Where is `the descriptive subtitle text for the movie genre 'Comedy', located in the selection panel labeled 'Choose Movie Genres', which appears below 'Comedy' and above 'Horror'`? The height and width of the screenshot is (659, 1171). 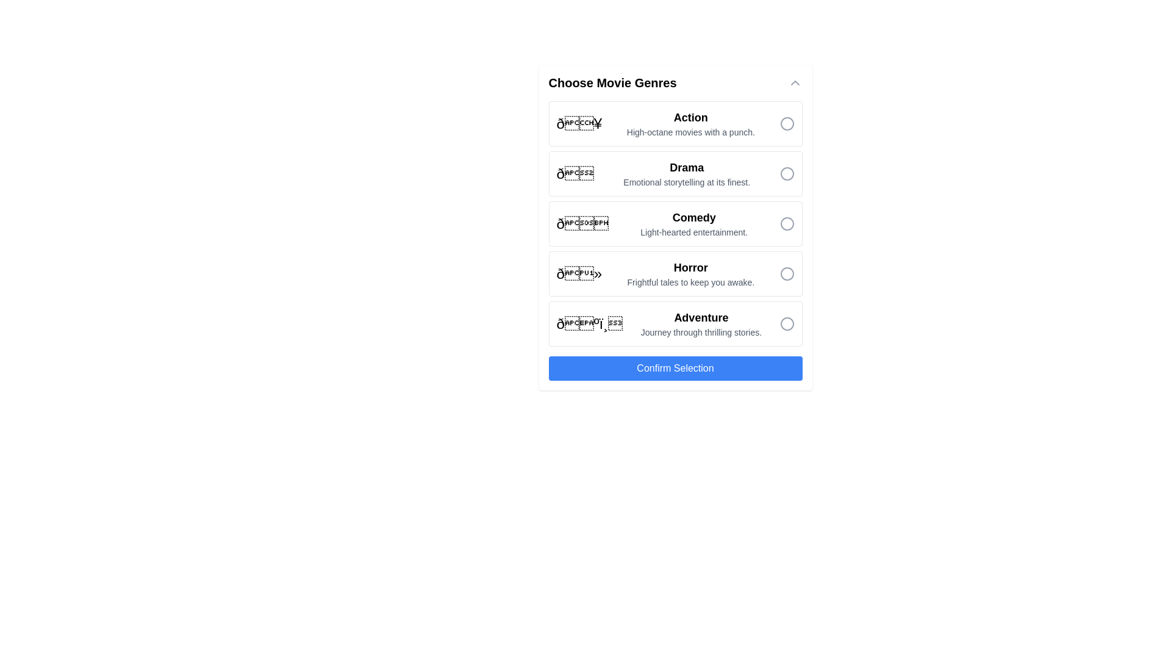
the descriptive subtitle text for the movie genre 'Comedy', located in the selection panel labeled 'Choose Movie Genres', which appears below 'Comedy' and above 'Horror' is located at coordinates (694, 232).